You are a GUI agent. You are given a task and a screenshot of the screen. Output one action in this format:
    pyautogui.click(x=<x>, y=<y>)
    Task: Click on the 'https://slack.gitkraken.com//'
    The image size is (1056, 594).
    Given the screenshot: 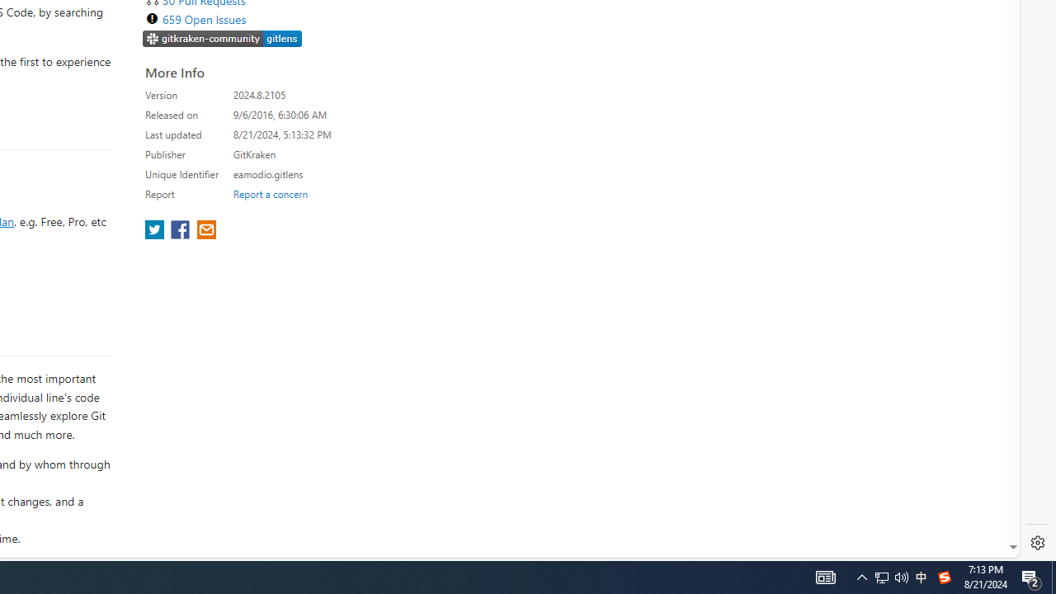 What is the action you would take?
    pyautogui.click(x=222, y=37)
    